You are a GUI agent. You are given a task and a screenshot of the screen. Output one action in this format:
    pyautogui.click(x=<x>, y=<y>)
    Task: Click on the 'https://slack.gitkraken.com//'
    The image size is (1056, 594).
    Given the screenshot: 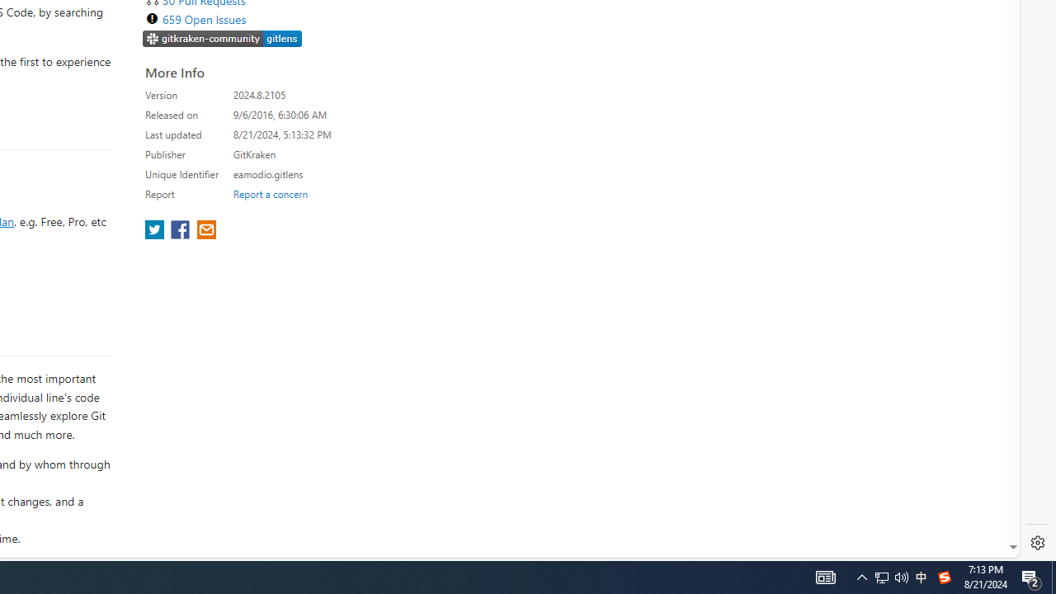 What is the action you would take?
    pyautogui.click(x=222, y=37)
    